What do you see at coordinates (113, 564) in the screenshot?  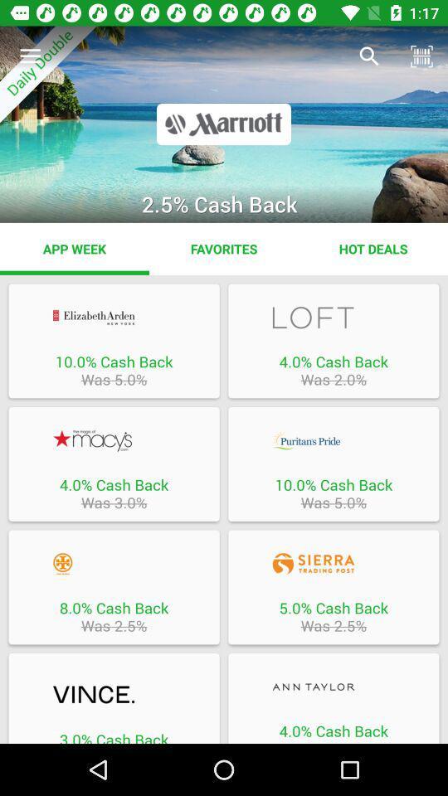 I see `this deal` at bounding box center [113, 564].